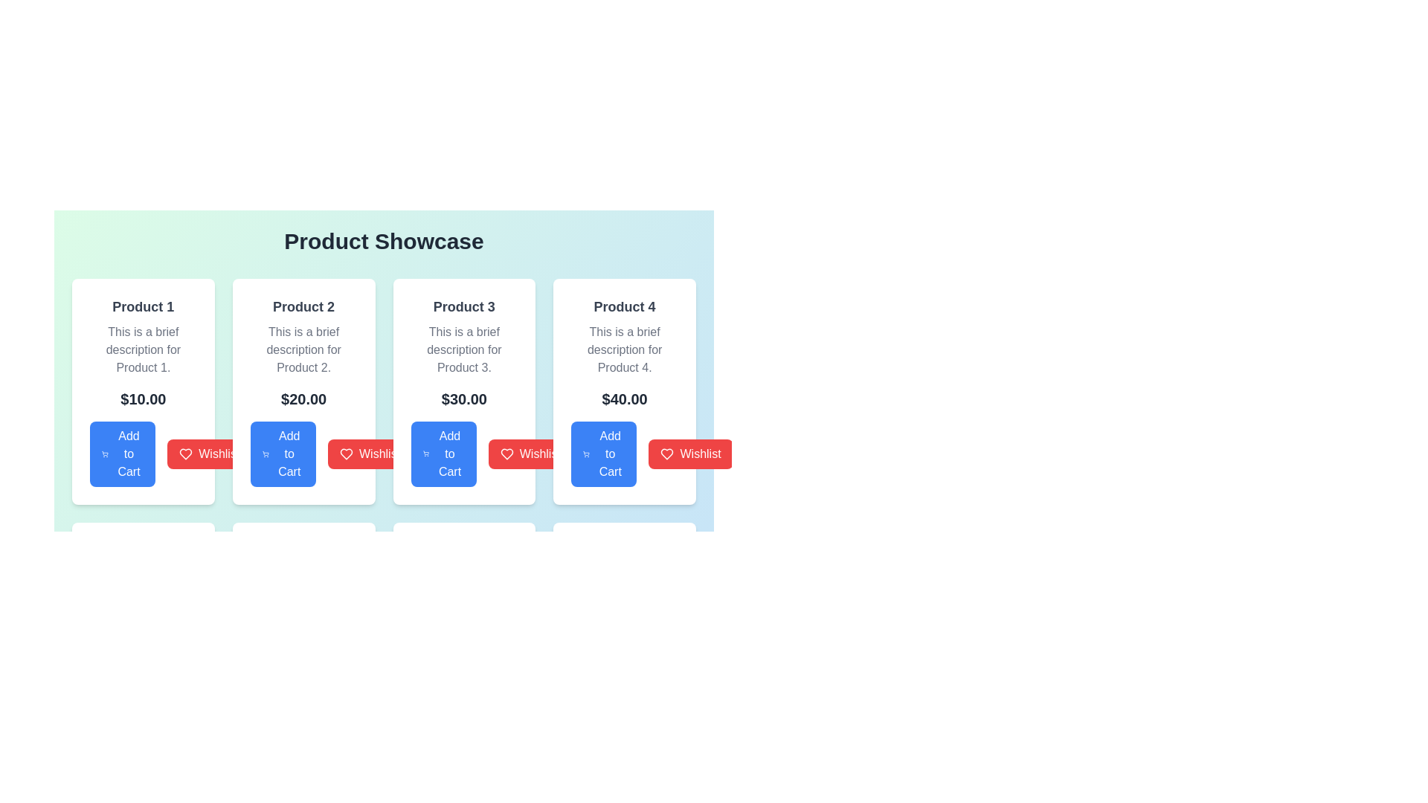  I want to click on the static text label displaying the price of $10.00 for 'Product 1', located in the third row of the product card, positioned below the product description and above the 'Add to Cart' and 'Wishlist' buttons, so click(143, 398).